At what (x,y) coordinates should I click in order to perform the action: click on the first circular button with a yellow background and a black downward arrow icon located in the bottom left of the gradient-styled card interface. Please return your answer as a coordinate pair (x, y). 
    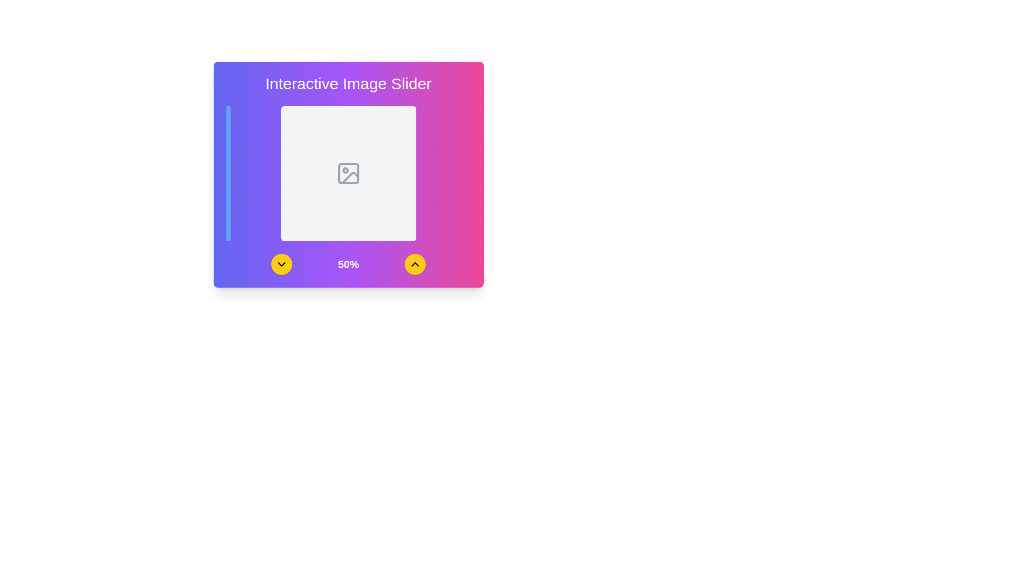
    Looking at the image, I should click on (282, 264).